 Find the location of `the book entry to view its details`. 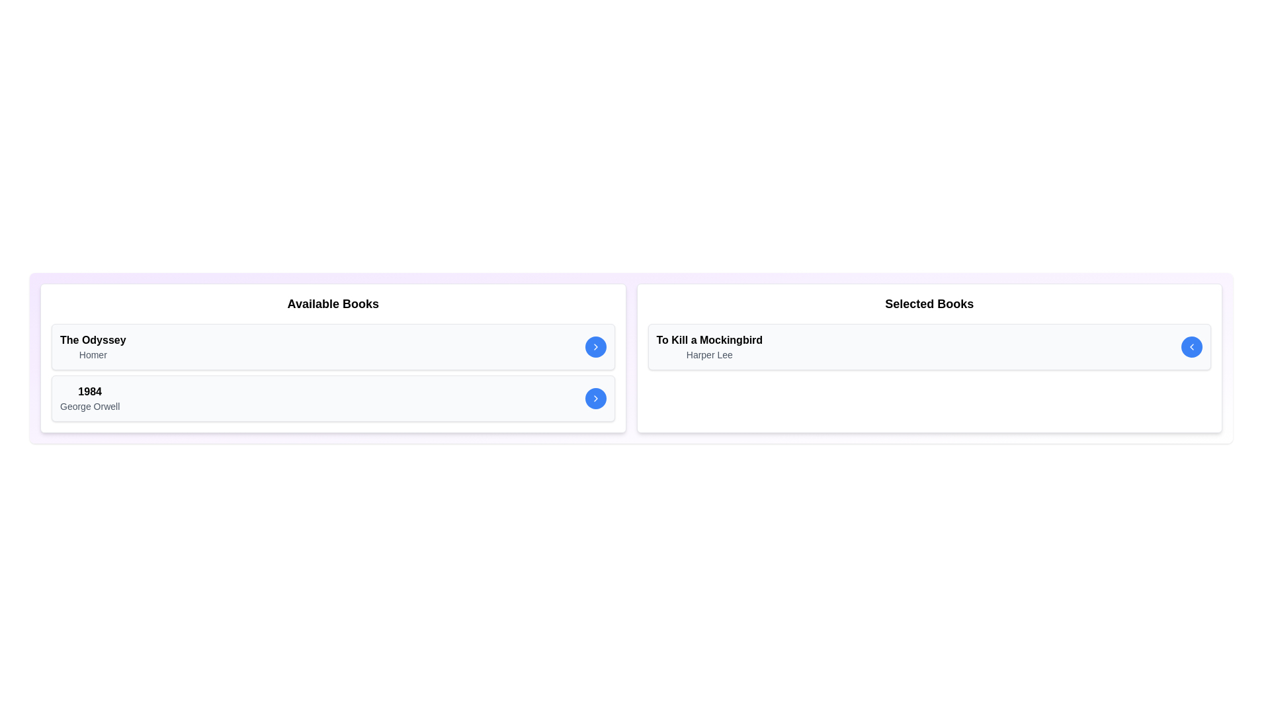

the book entry to view its details is located at coordinates (92, 346).